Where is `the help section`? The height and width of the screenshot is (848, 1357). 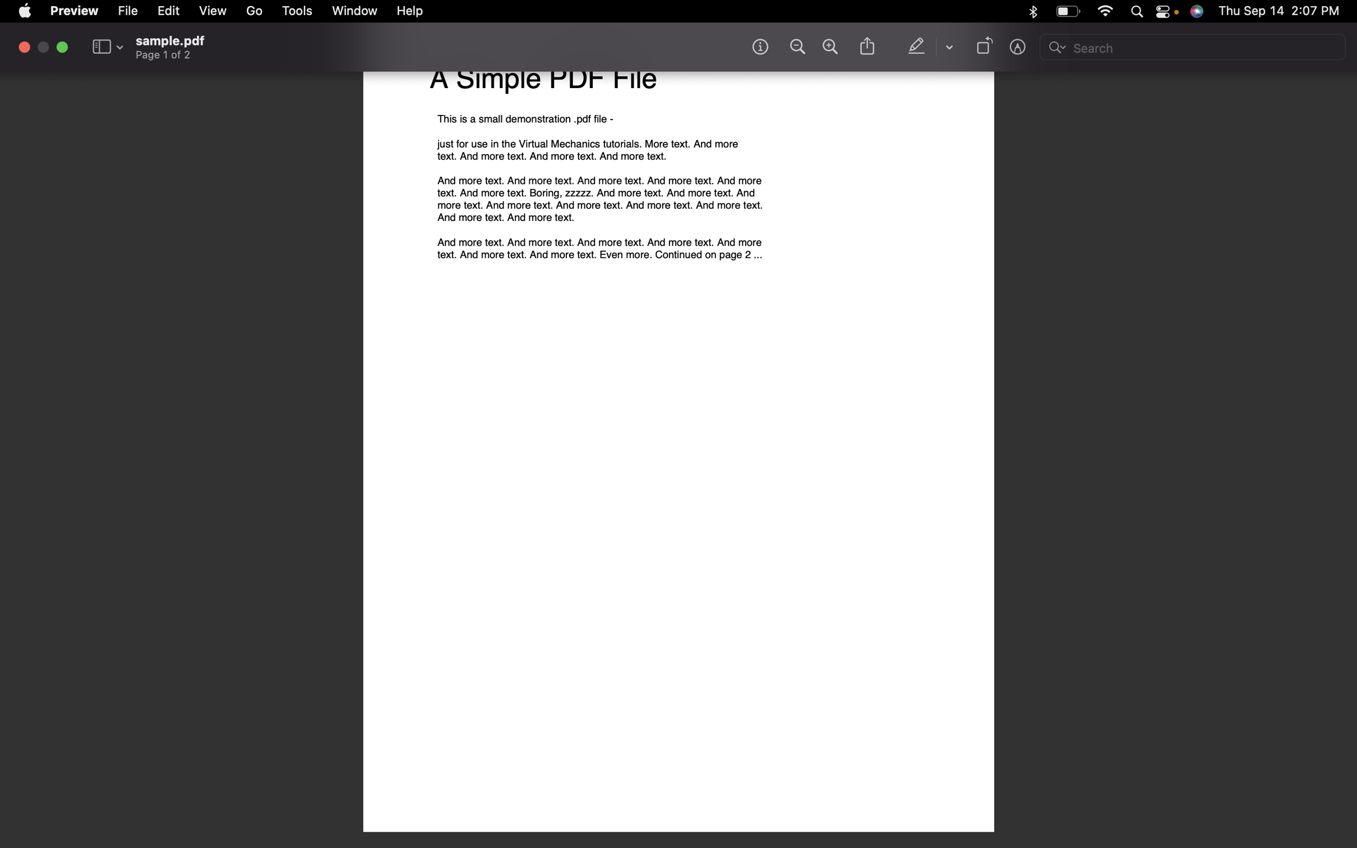
the help section is located at coordinates (409, 12).